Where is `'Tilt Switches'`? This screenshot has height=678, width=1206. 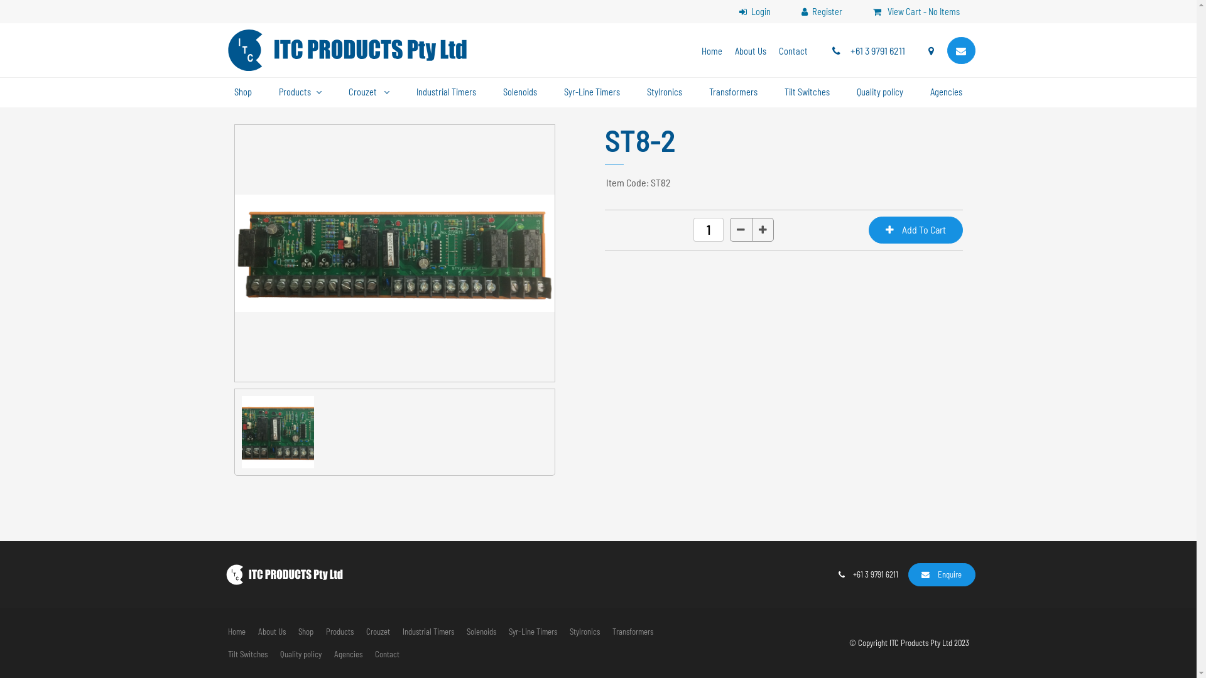
'Tilt Switches' is located at coordinates (247, 654).